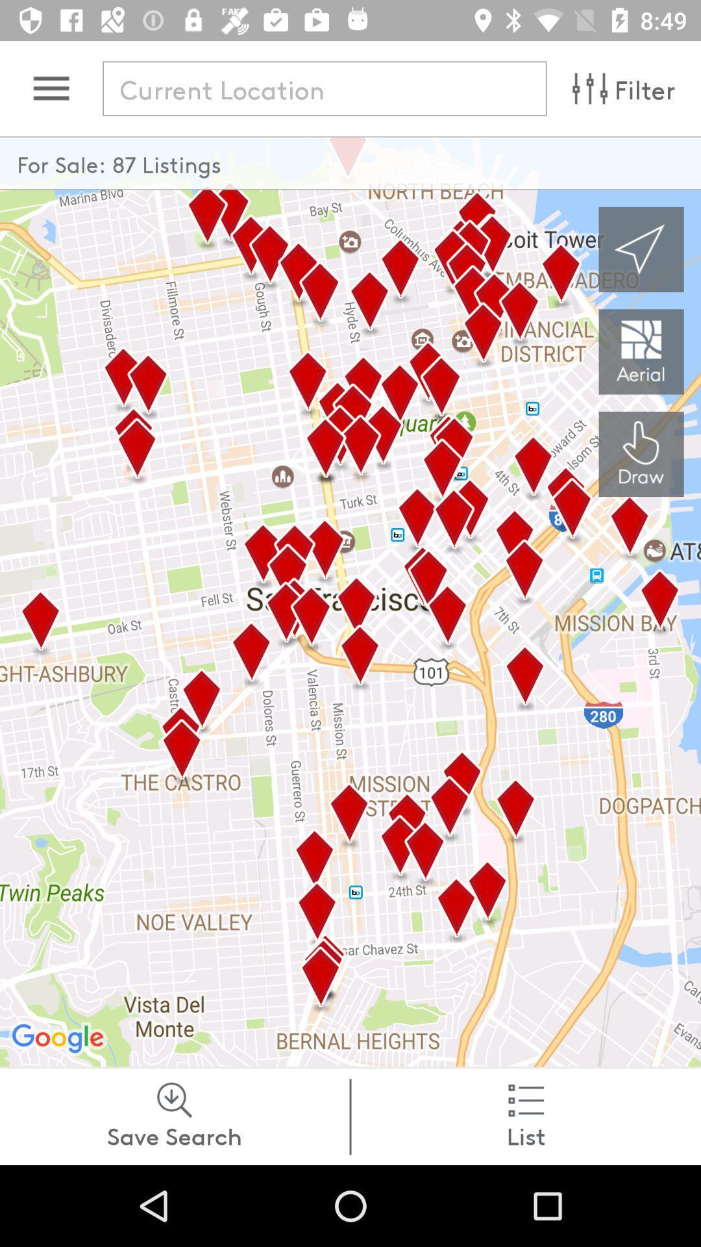 This screenshot has width=701, height=1247. Describe the element at coordinates (526, 1116) in the screenshot. I see `list at the bottom right corner` at that location.